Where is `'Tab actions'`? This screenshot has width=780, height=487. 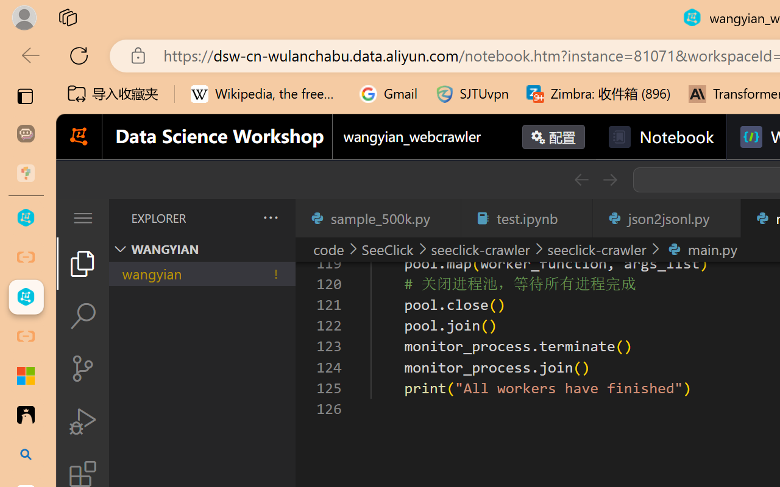 'Tab actions' is located at coordinates (724, 218).